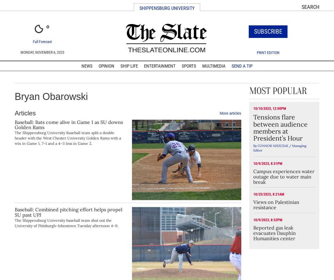 This screenshot has width=334, height=280. I want to click on 'The Shippensburg University Baseball team split a double header with the West Chester University Golden Rams with a win in Game 1, 7–1 and a 4–3 loss in Game 2.', so click(68, 138).